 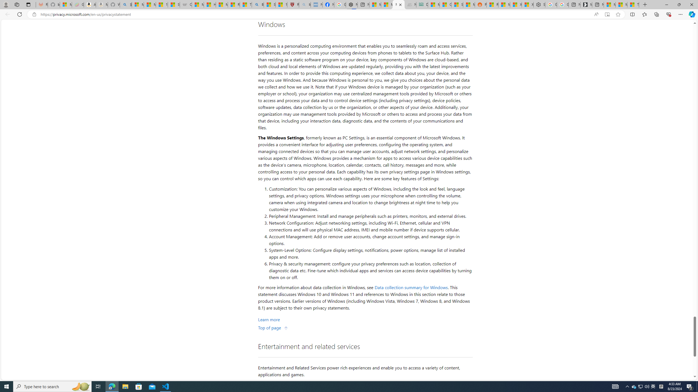 I want to click on '12 Popular Science Lies that Must be Corrected', so click(x=281, y=4).